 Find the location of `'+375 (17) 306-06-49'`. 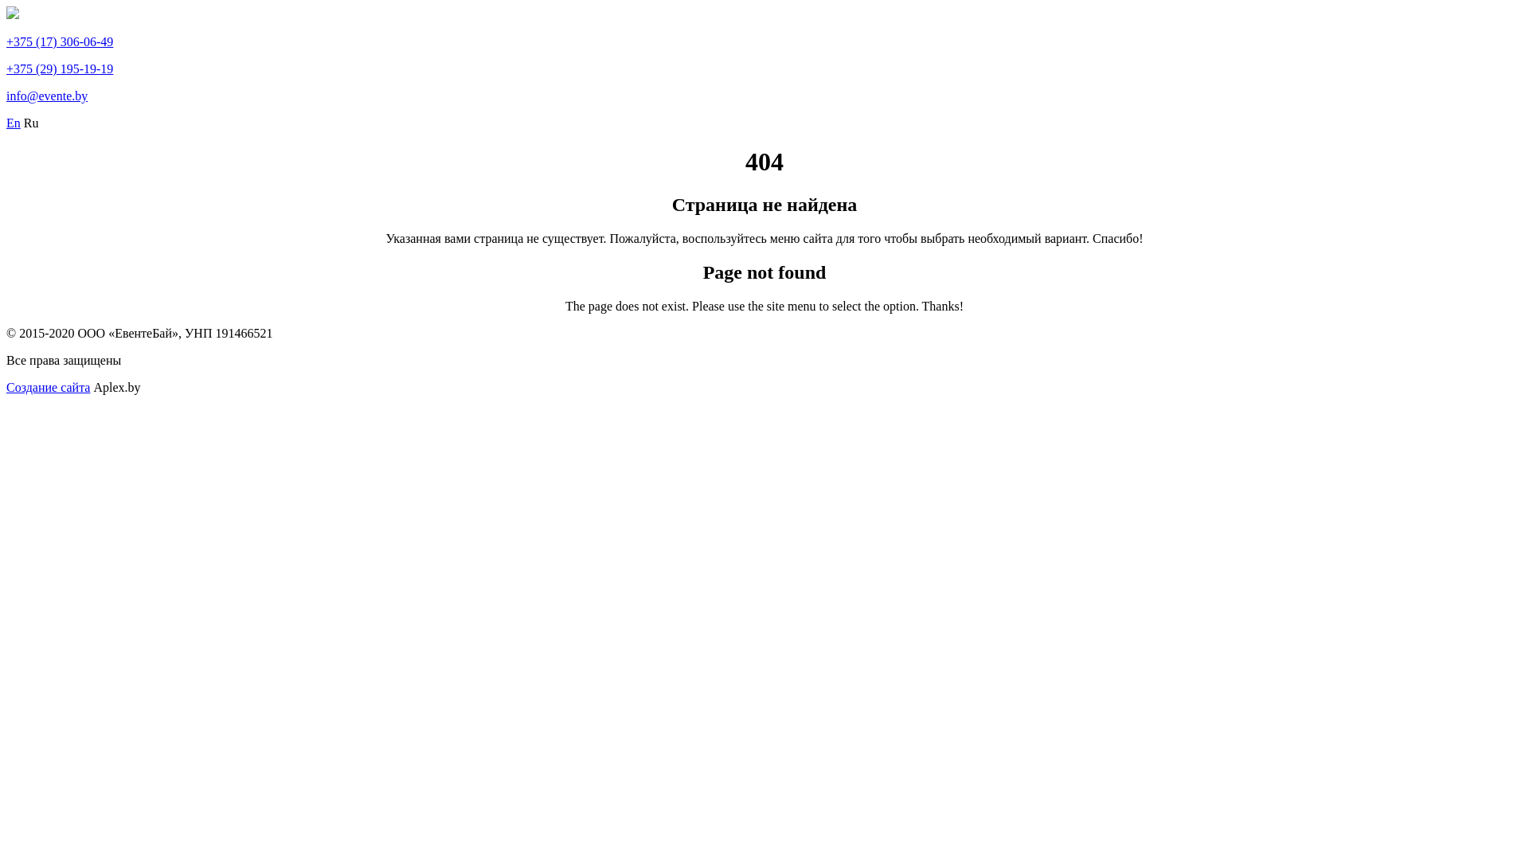

'+375 (17) 306-06-49' is located at coordinates (60, 41).